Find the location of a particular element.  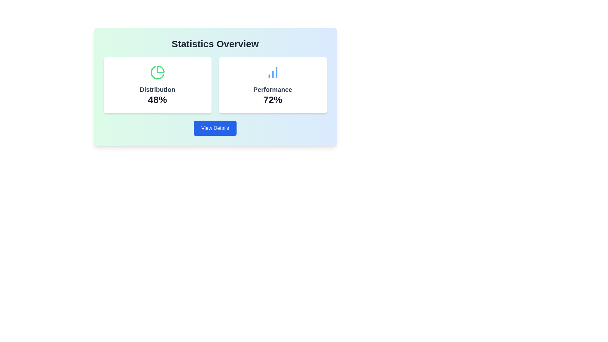

the information displayed as bold text '72%' in the Performance card located on the right side of the interface is located at coordinates (273, 100).